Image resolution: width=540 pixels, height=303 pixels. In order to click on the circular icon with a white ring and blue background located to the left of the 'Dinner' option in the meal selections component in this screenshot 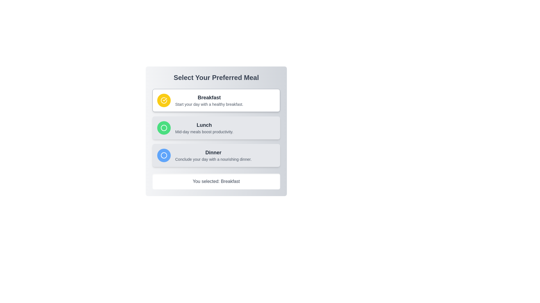, I will do `click(163, 155)`.